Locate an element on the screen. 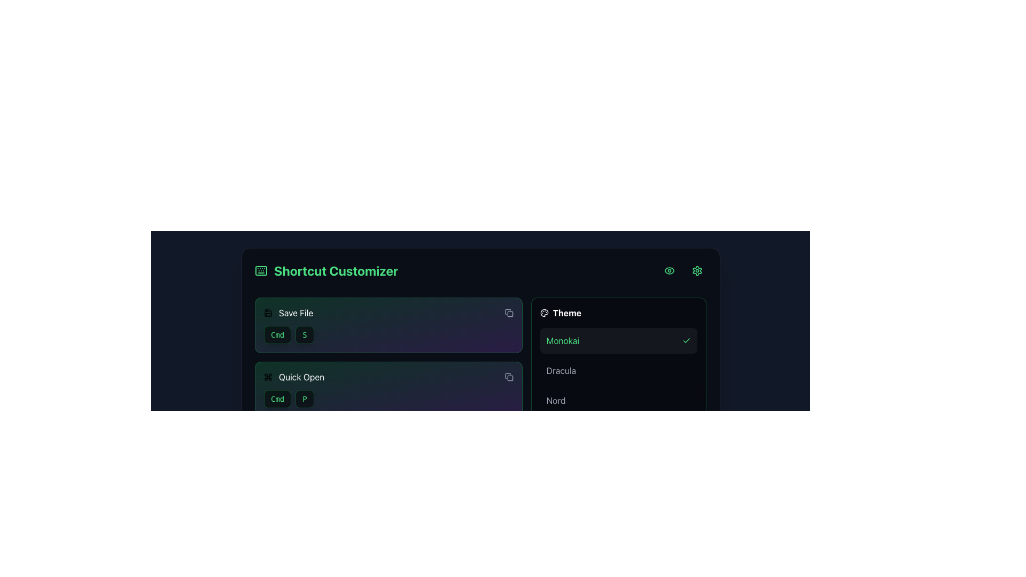 This screenshot has height=577, width=1026. the control button icon resembling a grid of four circular elements within the 'Shortcut Customizer' panel, associated with the 'Quick Open' label is located at coordinates (268, 376).